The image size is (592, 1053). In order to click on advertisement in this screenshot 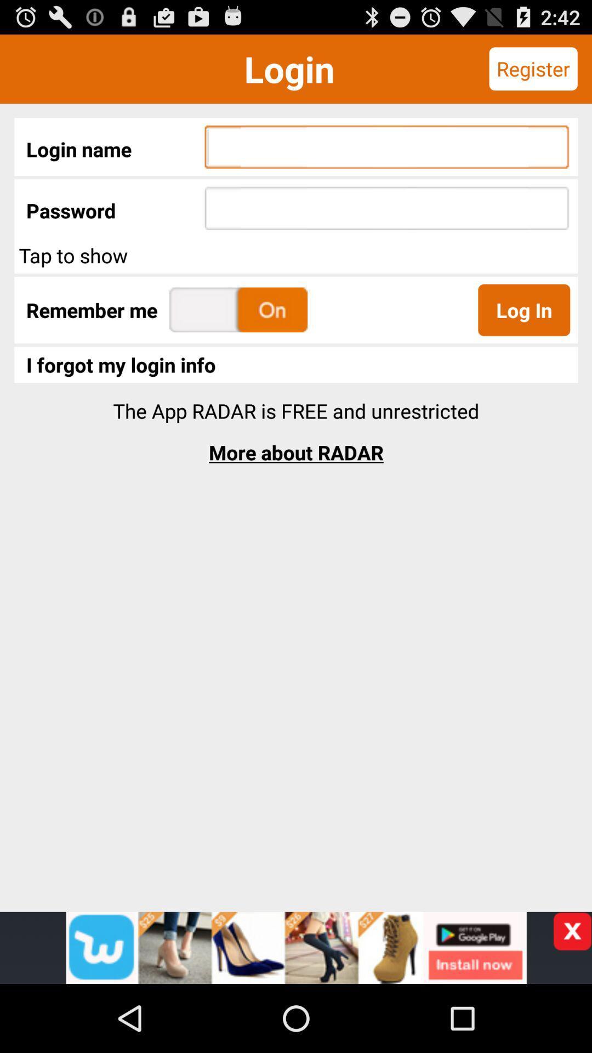, I will do `click(572, 931)`.